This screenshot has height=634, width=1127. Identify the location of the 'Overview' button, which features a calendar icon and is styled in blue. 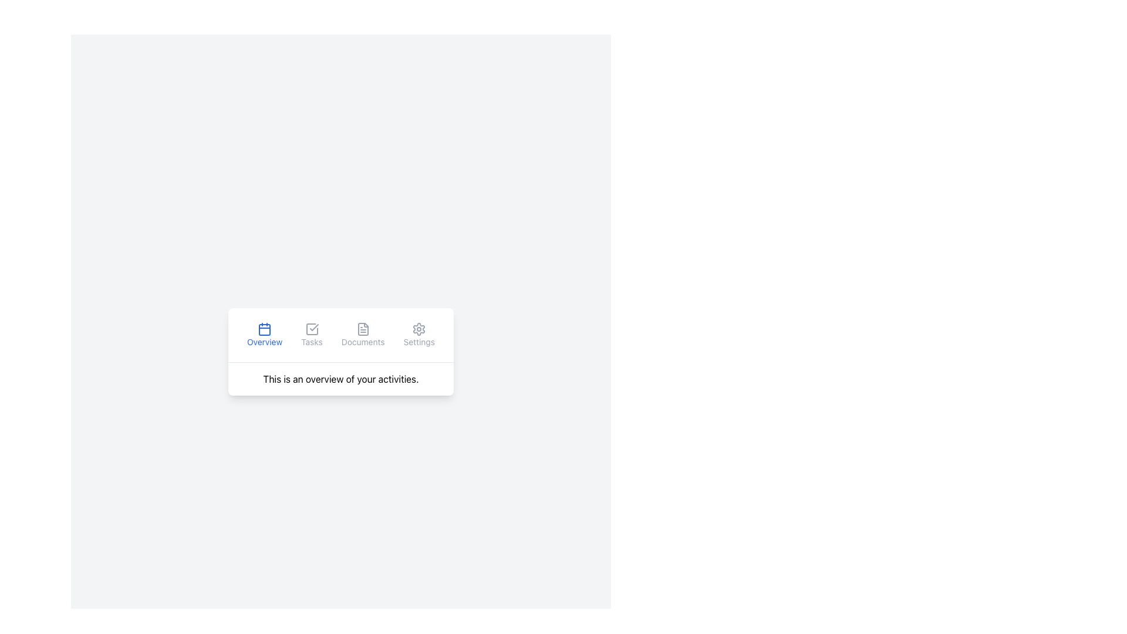
(264, 335).